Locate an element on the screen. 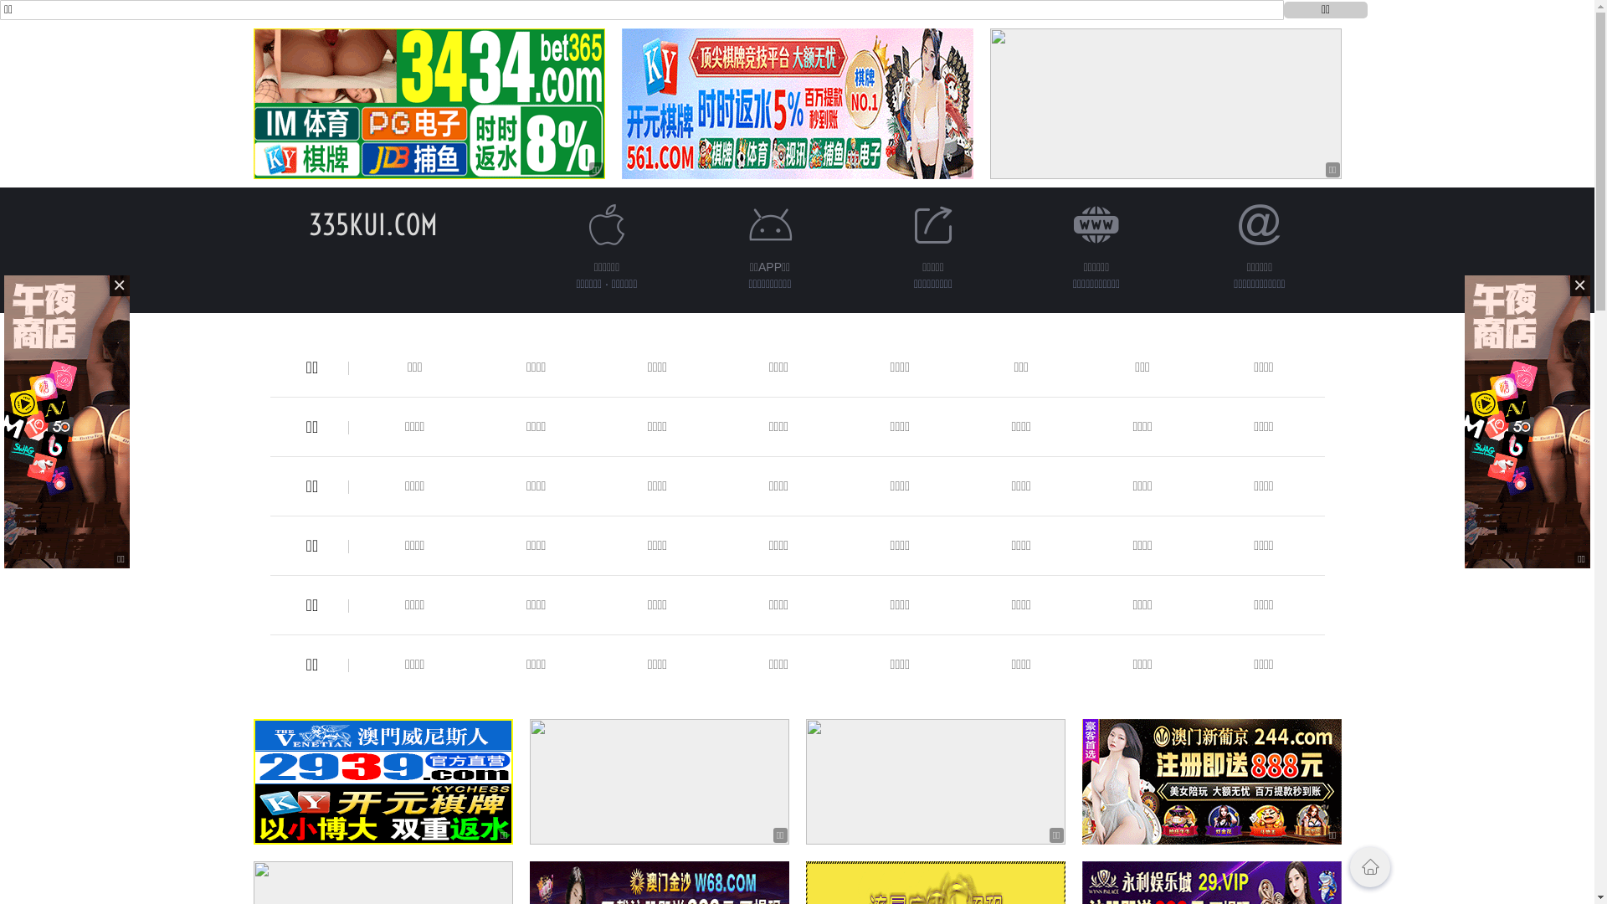 The height and width of the screenshot is (904, 1607). '335KUI.COM' is located at coordinates (308, 223).